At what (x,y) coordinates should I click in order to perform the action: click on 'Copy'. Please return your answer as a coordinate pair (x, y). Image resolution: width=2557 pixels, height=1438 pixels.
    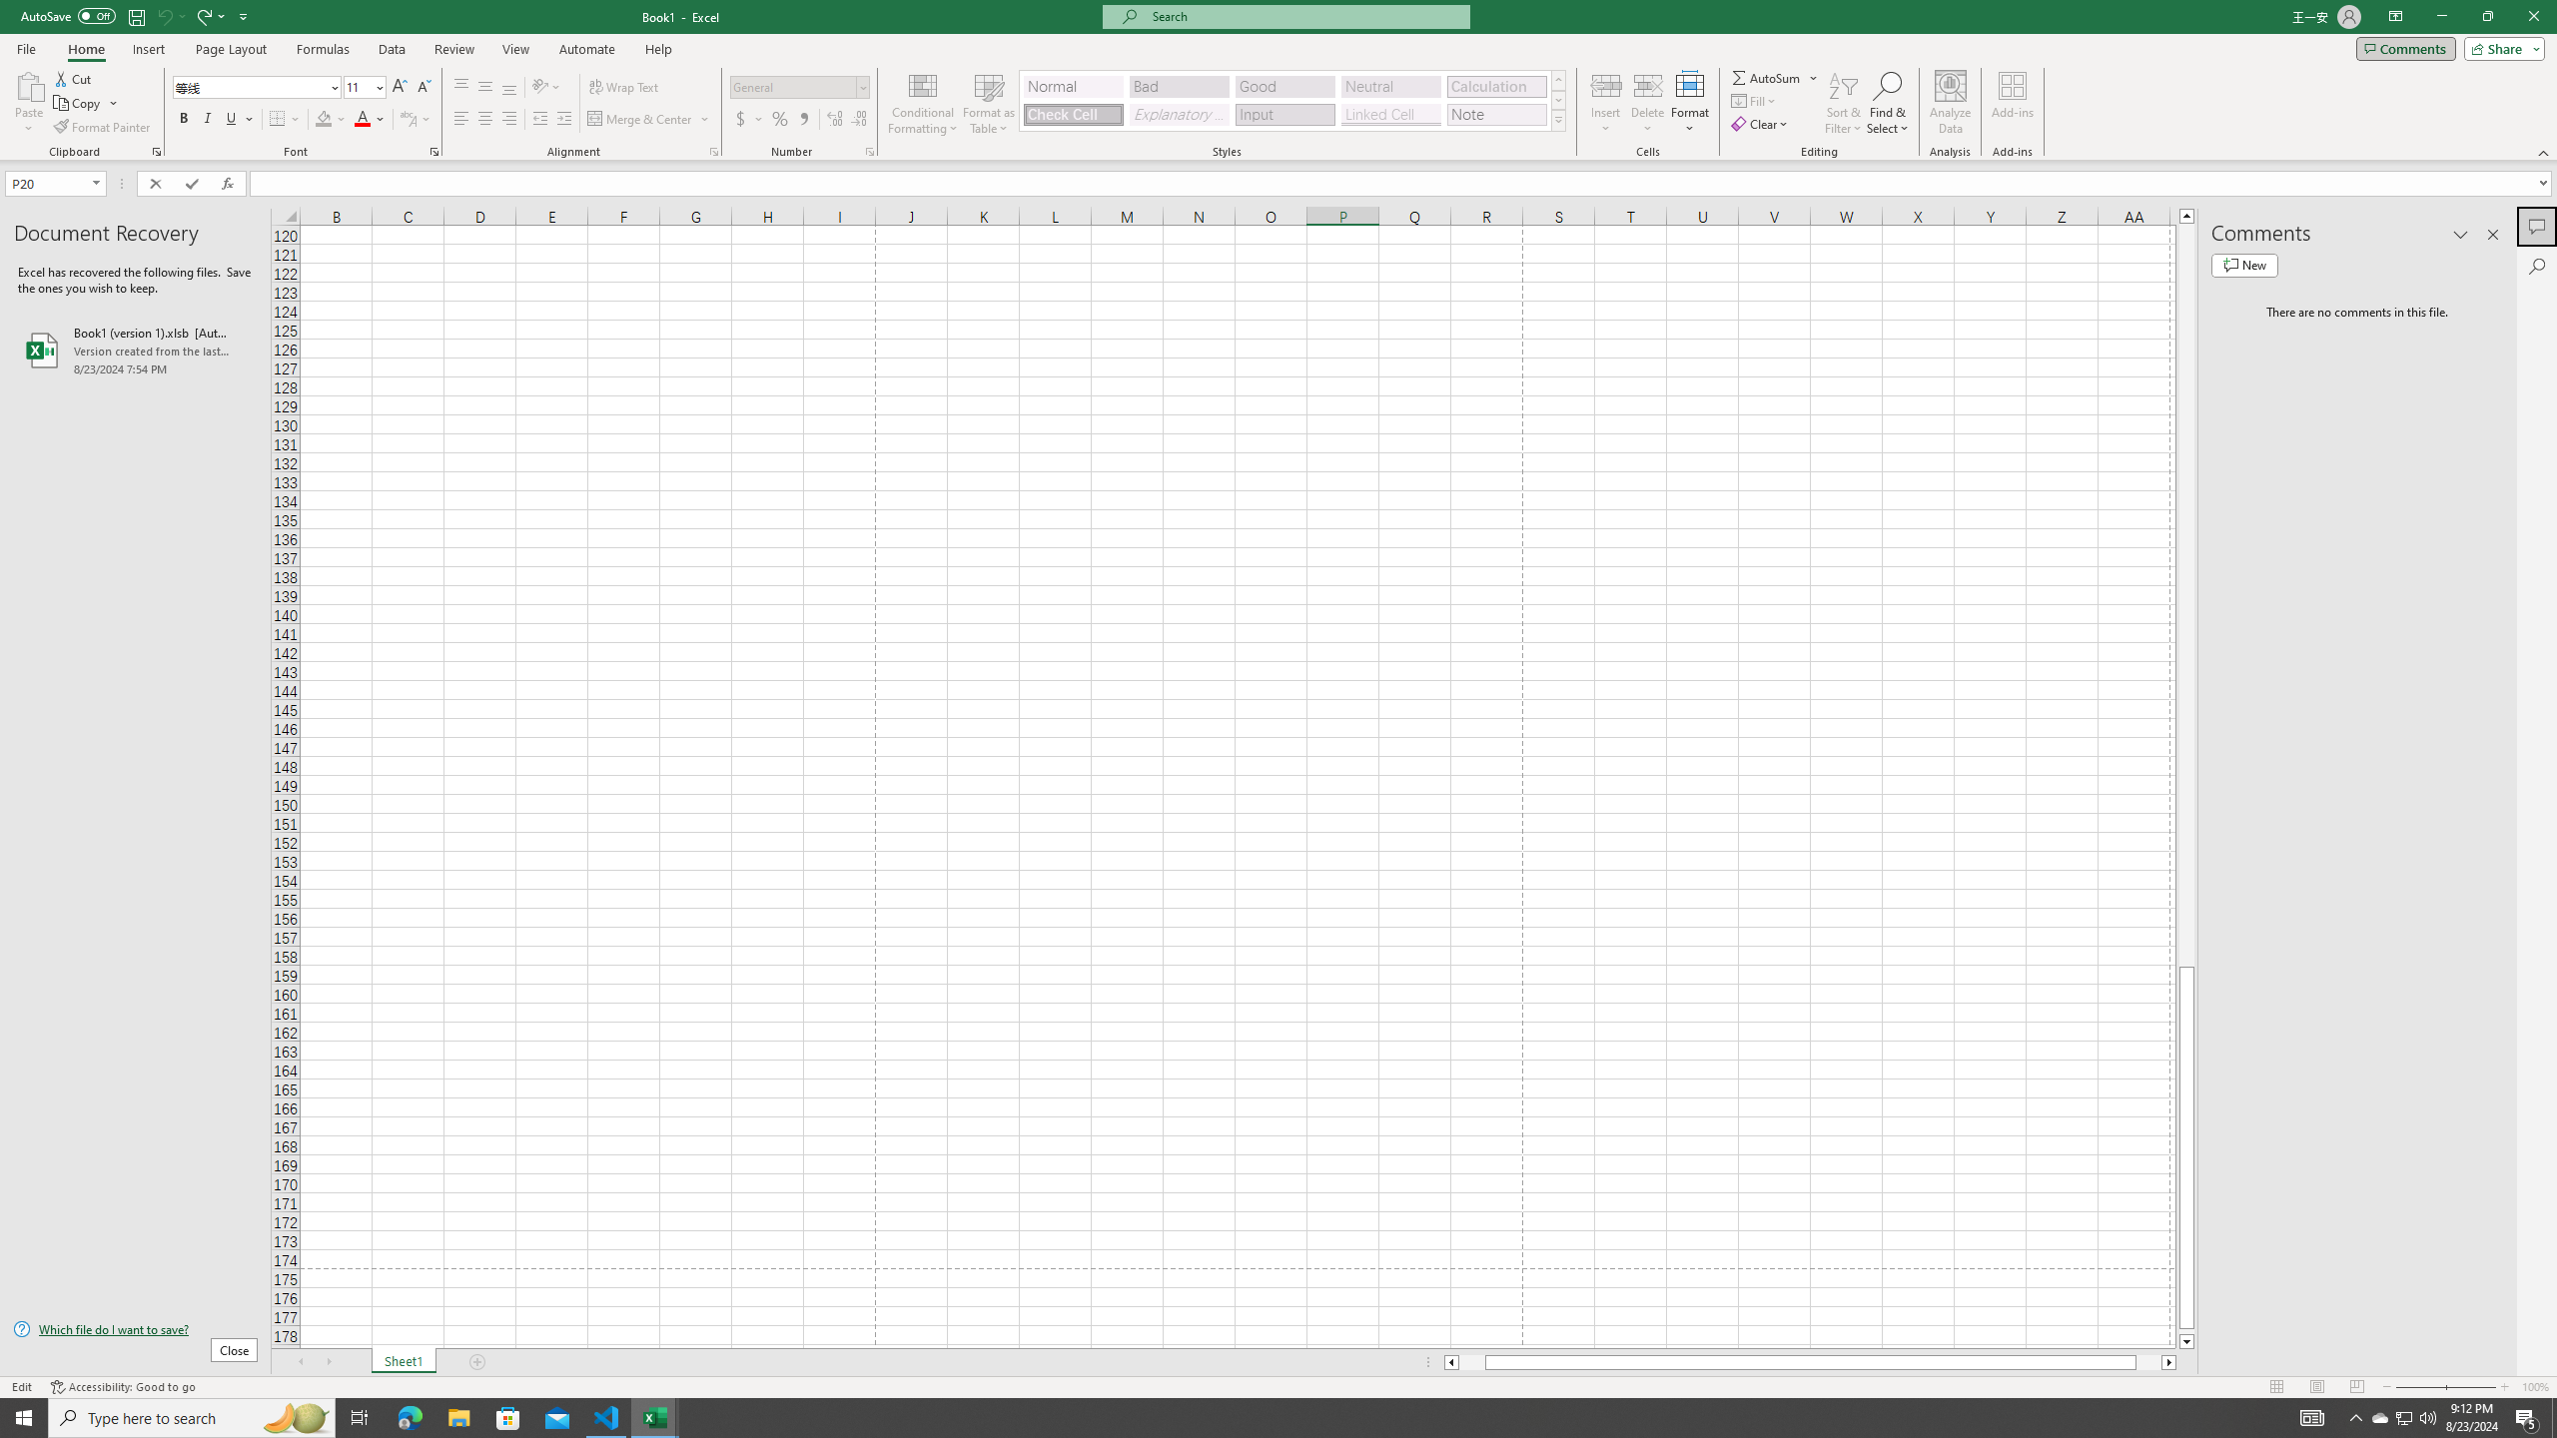
    Looking at the image, I should click on (78, 103).